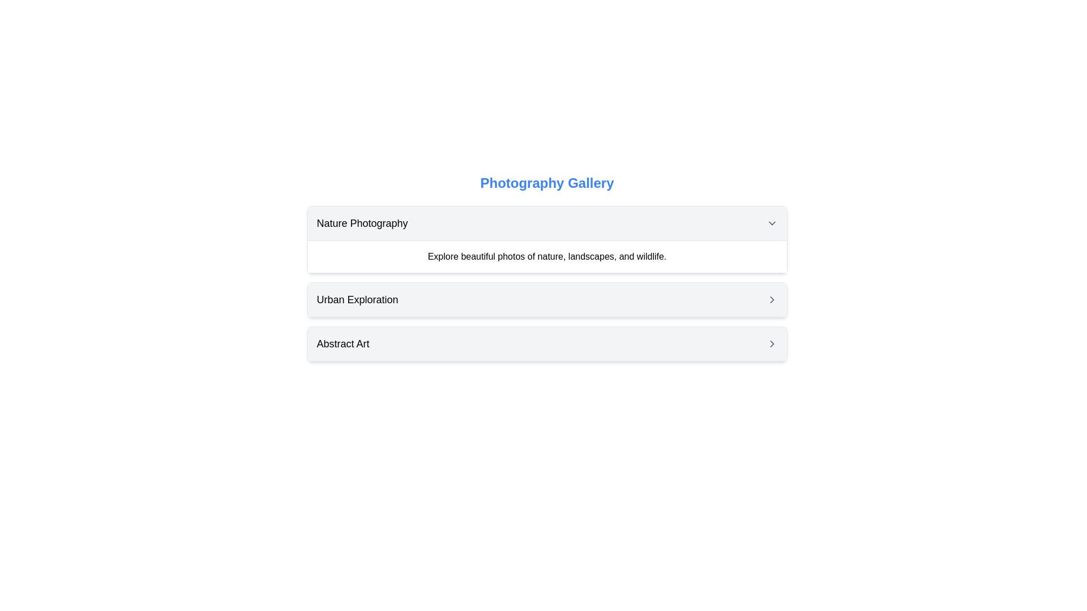 This screenshot has width=1087, height=611. Describe the element at coordinates (547, 343) in the screenshot. I see `the 'Abstract Art' button, which is the last button in the vertical stack under 'Photography Gallery', to interact with its hover effect` at that location.